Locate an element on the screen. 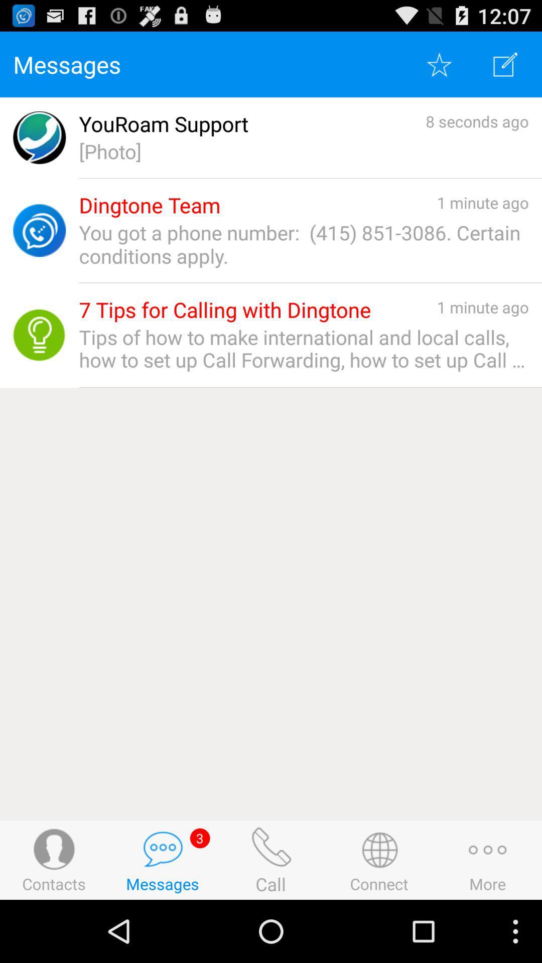  icon below the 7 tips for item is located at coordinates (303, 349).